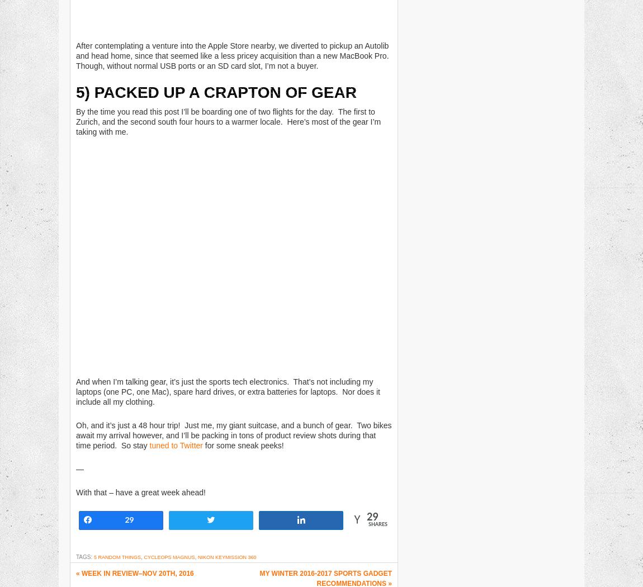 The width and height of the screenshot is (643, 587). What do you see at coordinates (75, 391) in the screenshot?
I see `'And when I’m talking gear, it’s just the sports tech electronics.  That’s not including my laptops (one PC, one Mac), spare hard drives, or extra batteries for laptops.  Nor does it include all my clothing.'` at bounding box center [75, 391].